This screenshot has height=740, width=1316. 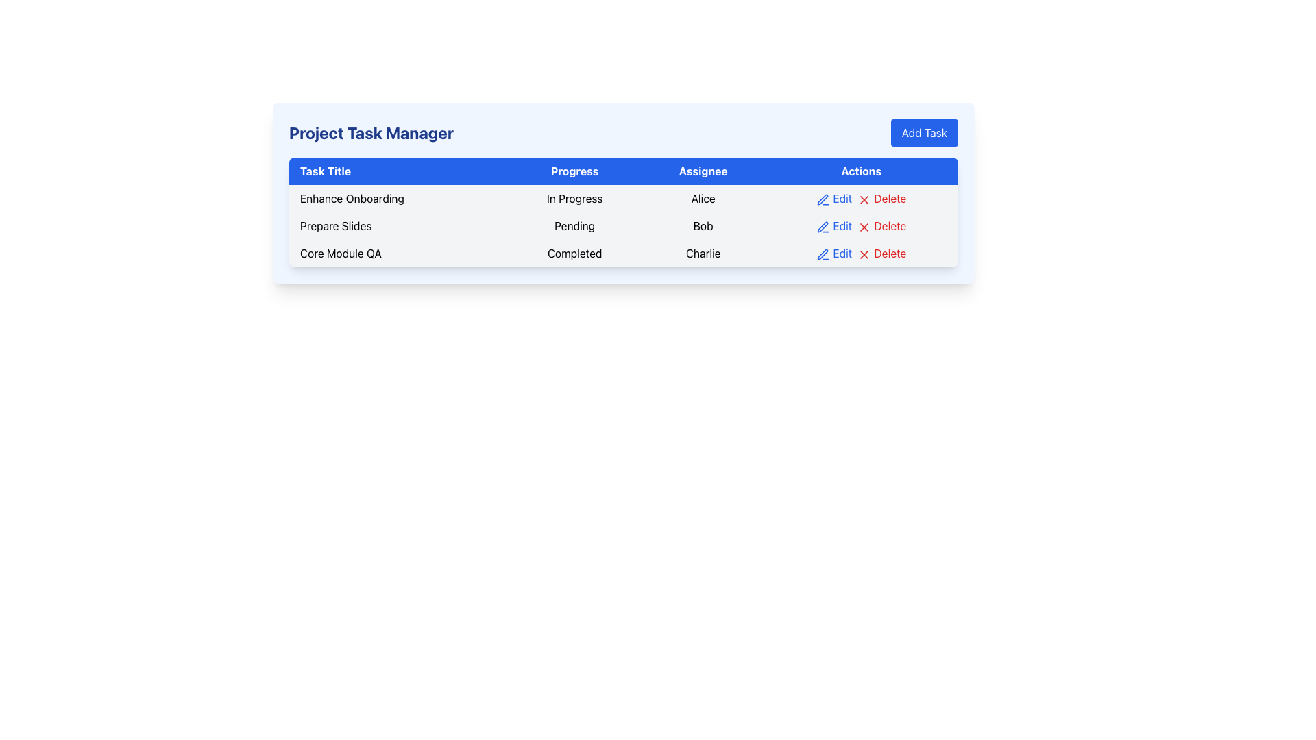 I want to click on the 'Assignee' header label in the table, which is the third column from the left, indicating the names of task assignees below it, so click(x=703, y=171).